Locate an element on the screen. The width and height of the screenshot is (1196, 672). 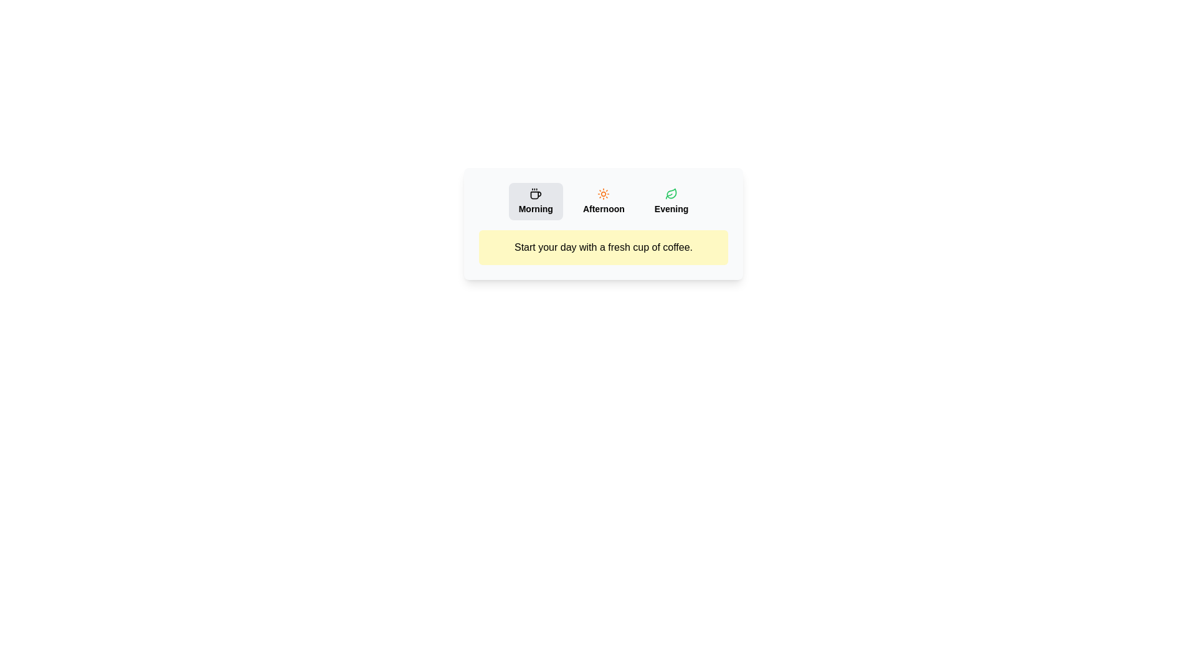
the Afternoon tab to display its content is located at coordinates (604, 201).